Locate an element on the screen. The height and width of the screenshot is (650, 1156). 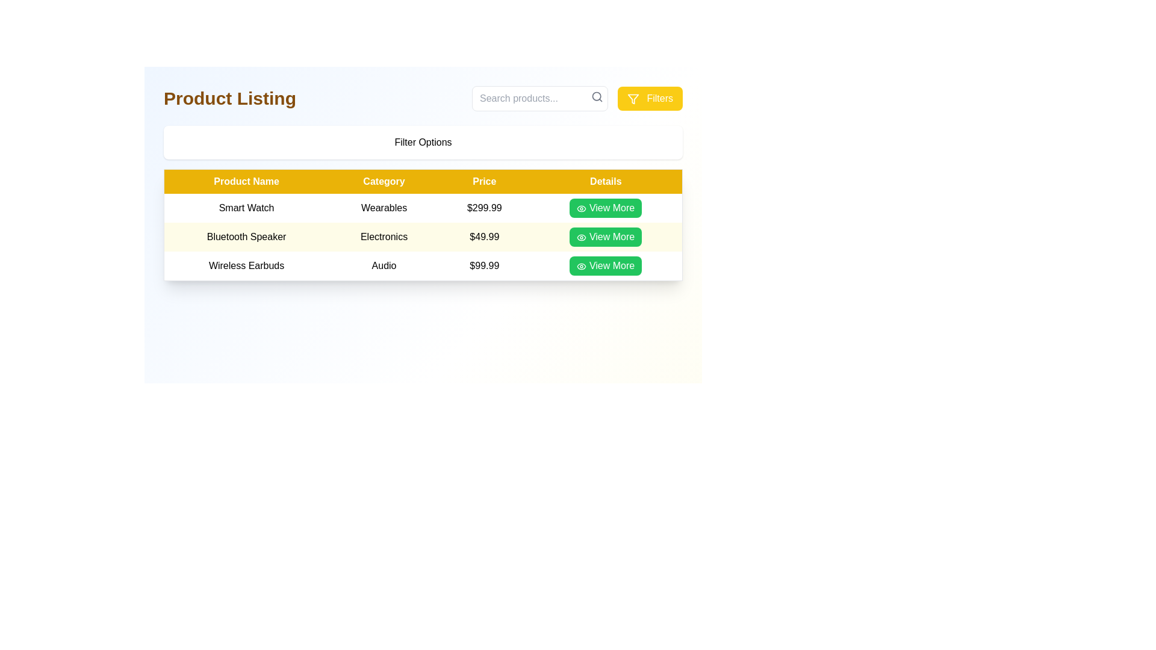
the green button labeled 'View More' with an eye icon, located in the fourth column of the first row in the 'Details' section of the table is located at coordinates (606, 208).